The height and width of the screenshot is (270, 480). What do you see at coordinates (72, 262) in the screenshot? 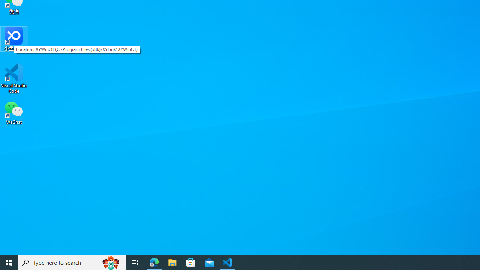
I see `'Type here to search'` at bounding box center [72, 262].